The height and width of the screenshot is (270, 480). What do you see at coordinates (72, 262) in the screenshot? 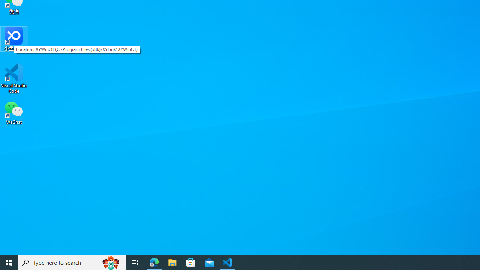
I see `'Type here to search'` at bounding box center [72, 262].